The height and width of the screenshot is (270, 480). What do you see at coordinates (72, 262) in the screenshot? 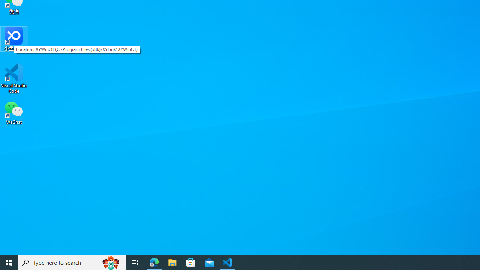
I see `'Type here to search'` at bounding box center [72, 262].